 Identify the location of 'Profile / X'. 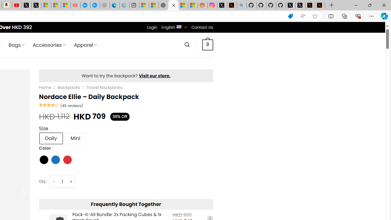
(290, 5).